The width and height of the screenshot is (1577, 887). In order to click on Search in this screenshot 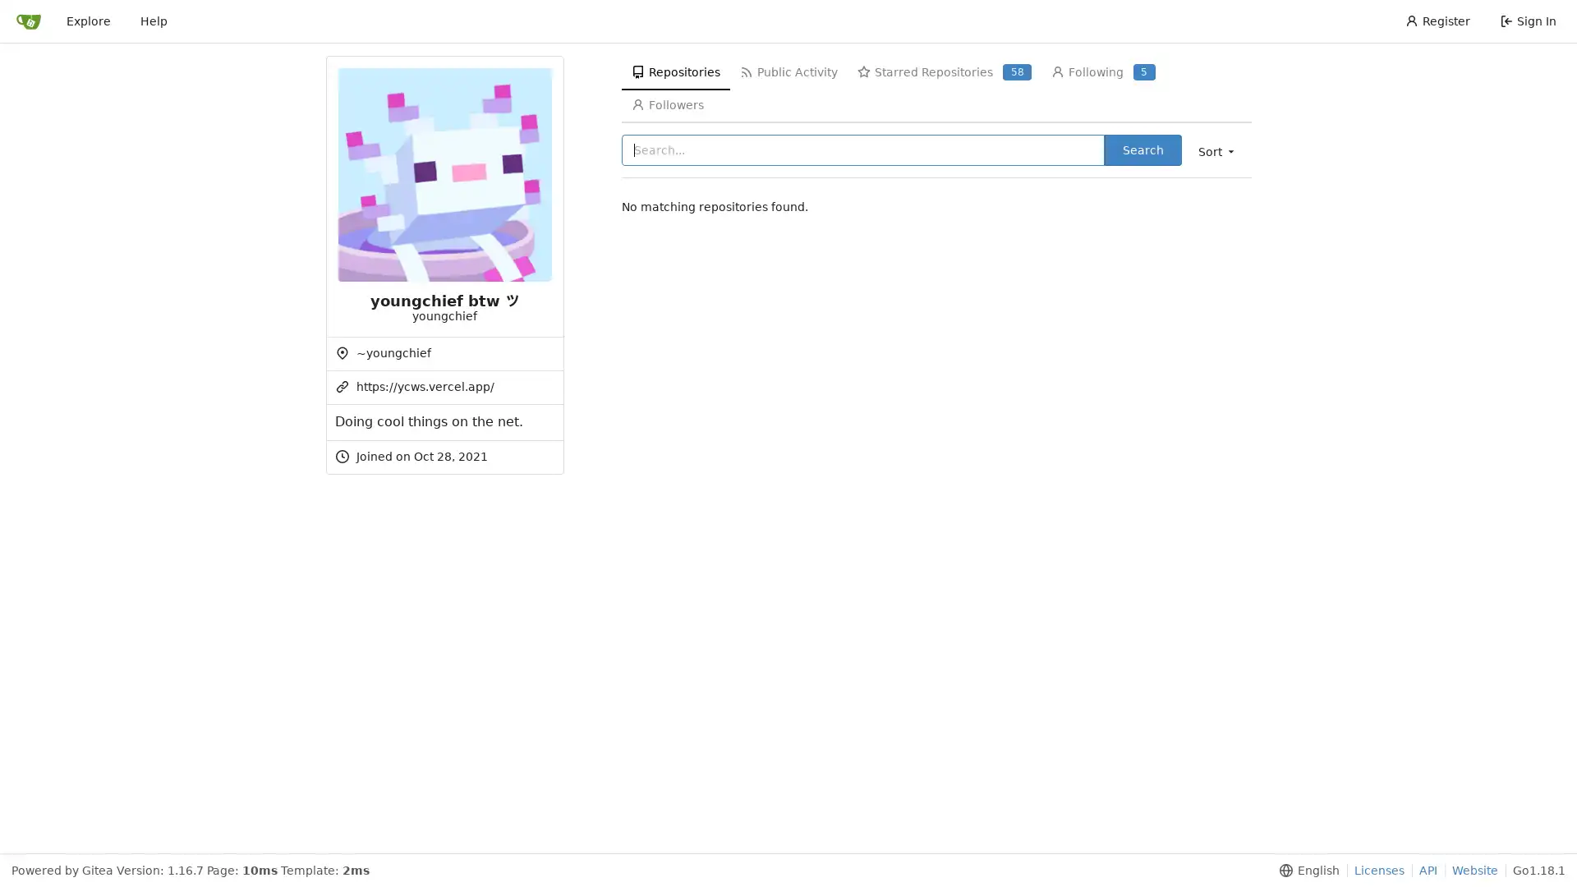, I will do `click(1142, 149)`.